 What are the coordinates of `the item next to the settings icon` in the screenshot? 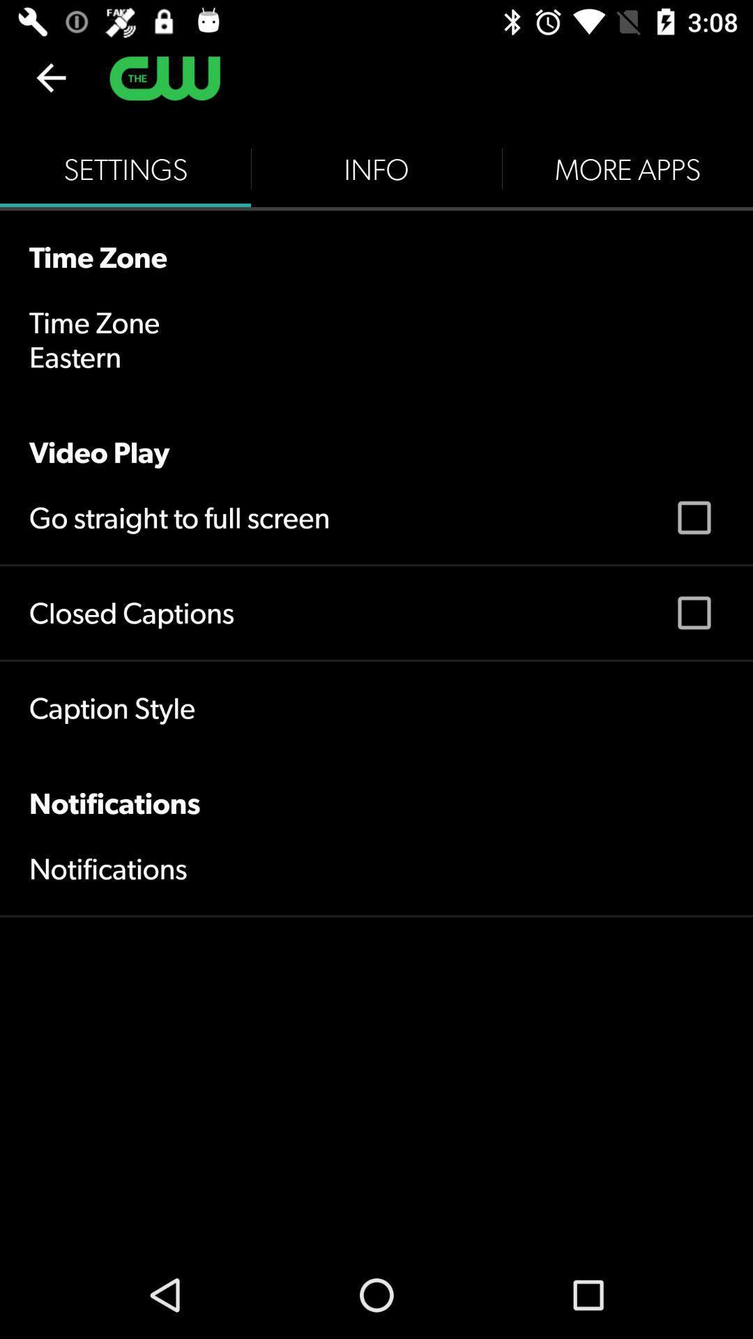 It's located at (376, 169).